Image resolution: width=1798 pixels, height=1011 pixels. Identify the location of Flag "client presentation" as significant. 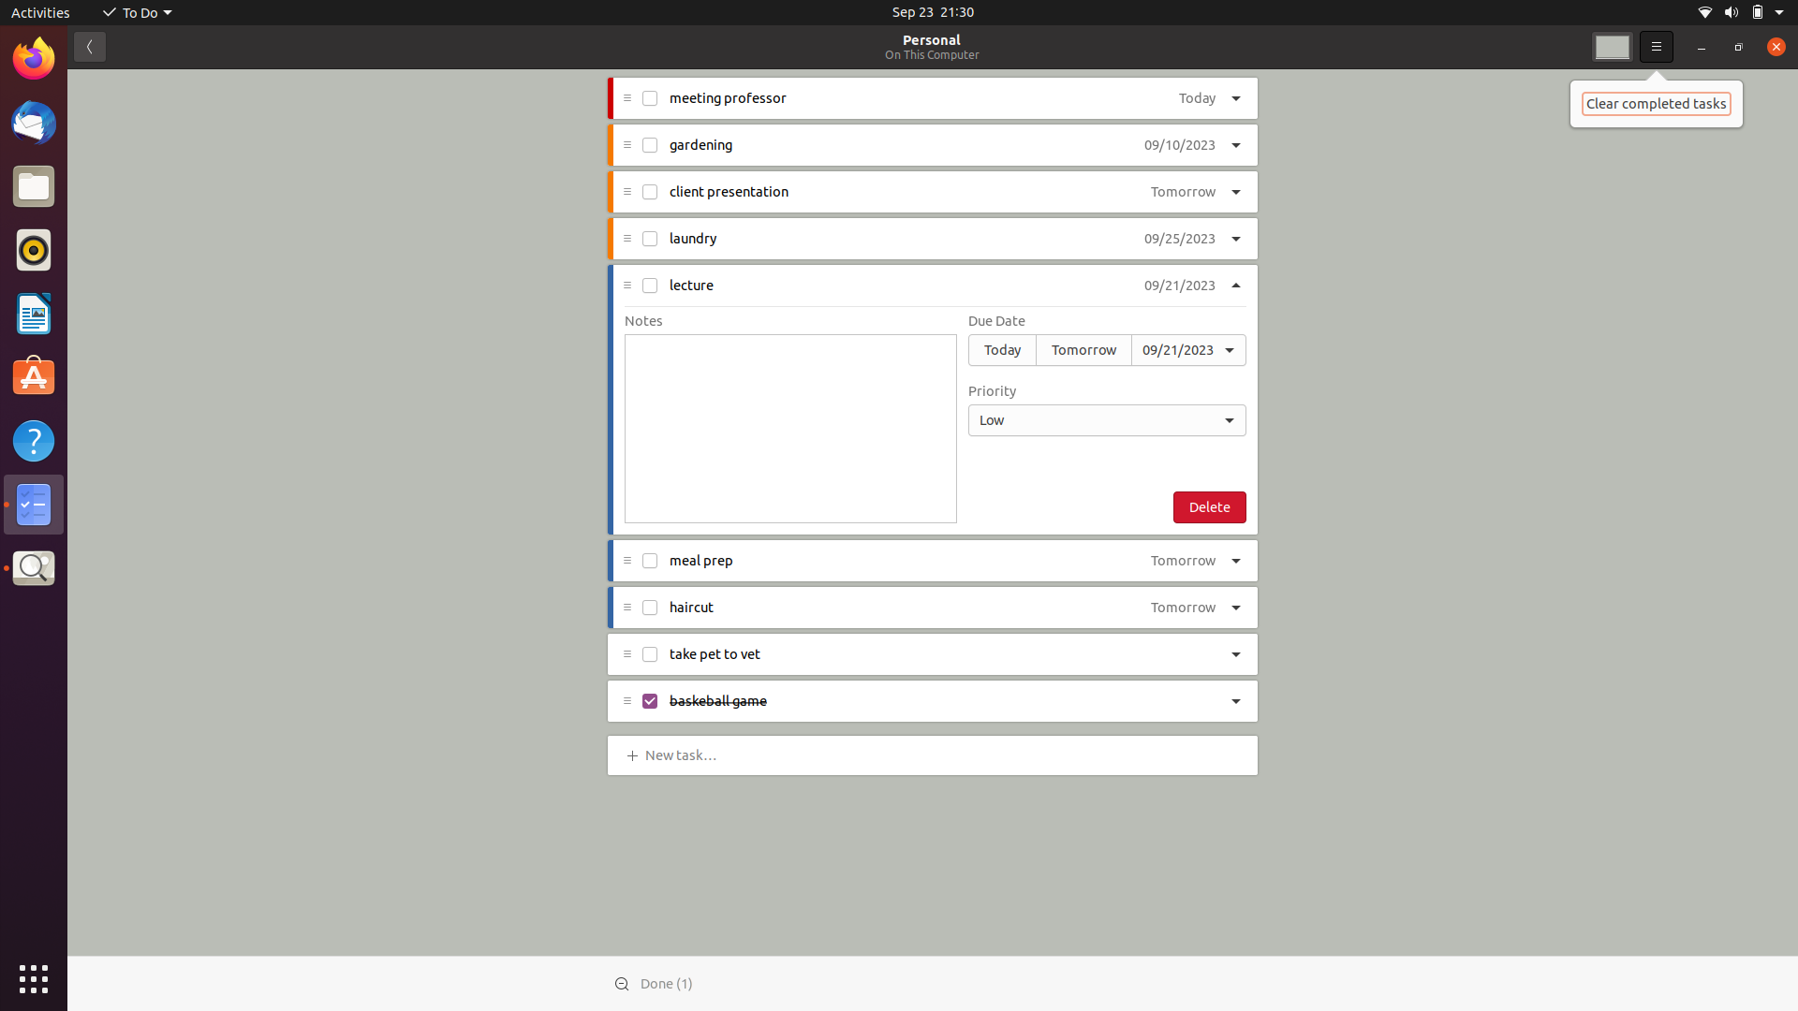
(1237, 192).